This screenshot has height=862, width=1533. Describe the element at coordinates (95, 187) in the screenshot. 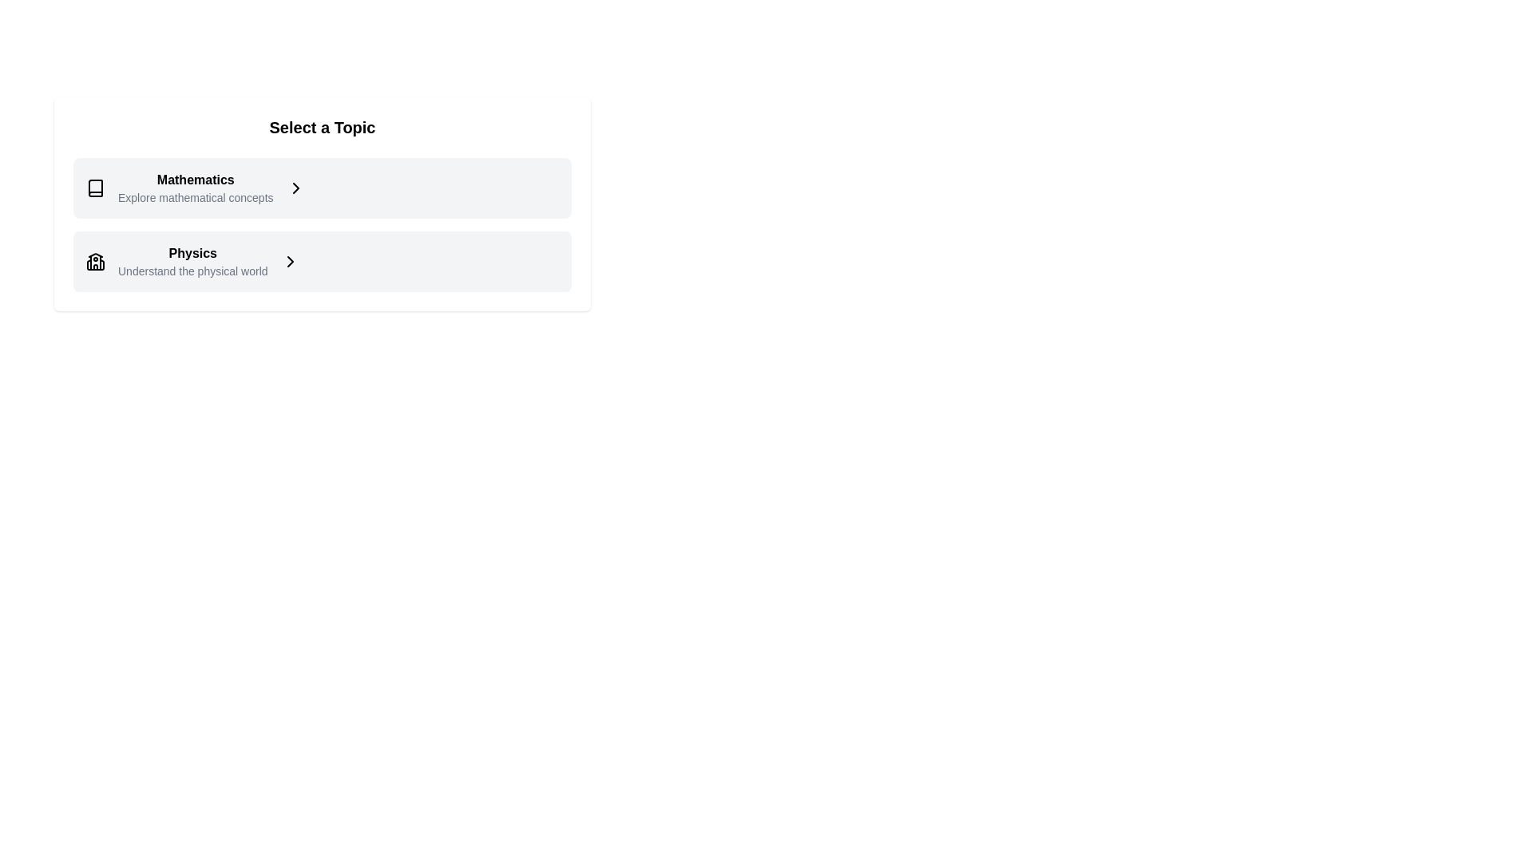

I see `the decorative icon representing the topic 'Mathematics' located in the first list item labeled 'Mathematics' with the subtitle 'Explore mathematical concepts', positioned to the far left of the text content` at that location.